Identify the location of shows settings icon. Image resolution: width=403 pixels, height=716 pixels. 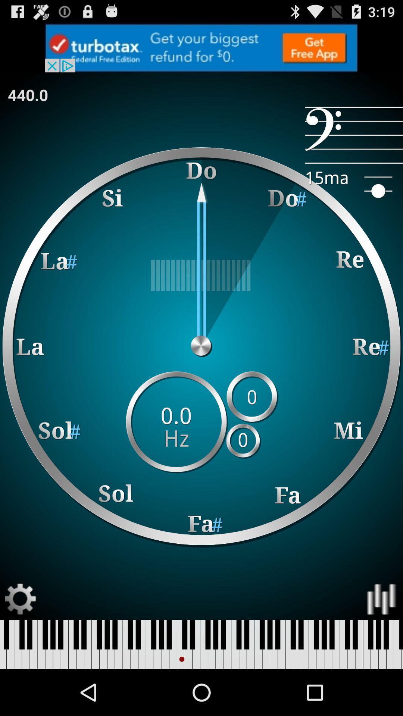
(20, 599).